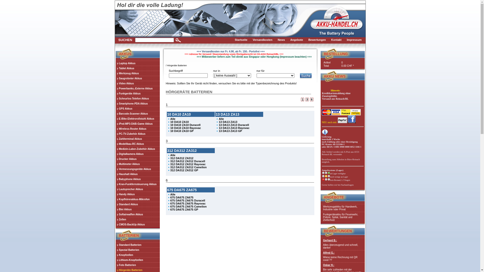 The height and width of the screenshot is (272, 484). I want to click on 'Modellbau-RC Akkus', so click(137, 144).